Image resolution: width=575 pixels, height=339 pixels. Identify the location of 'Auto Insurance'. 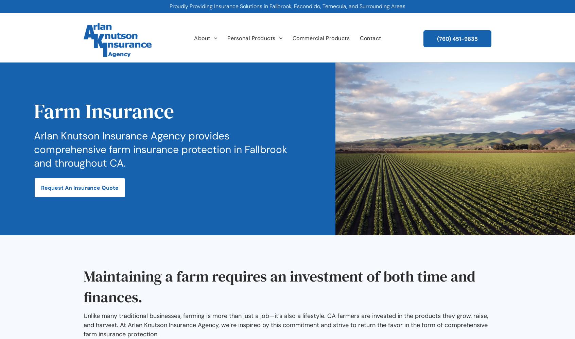
(232, 65).